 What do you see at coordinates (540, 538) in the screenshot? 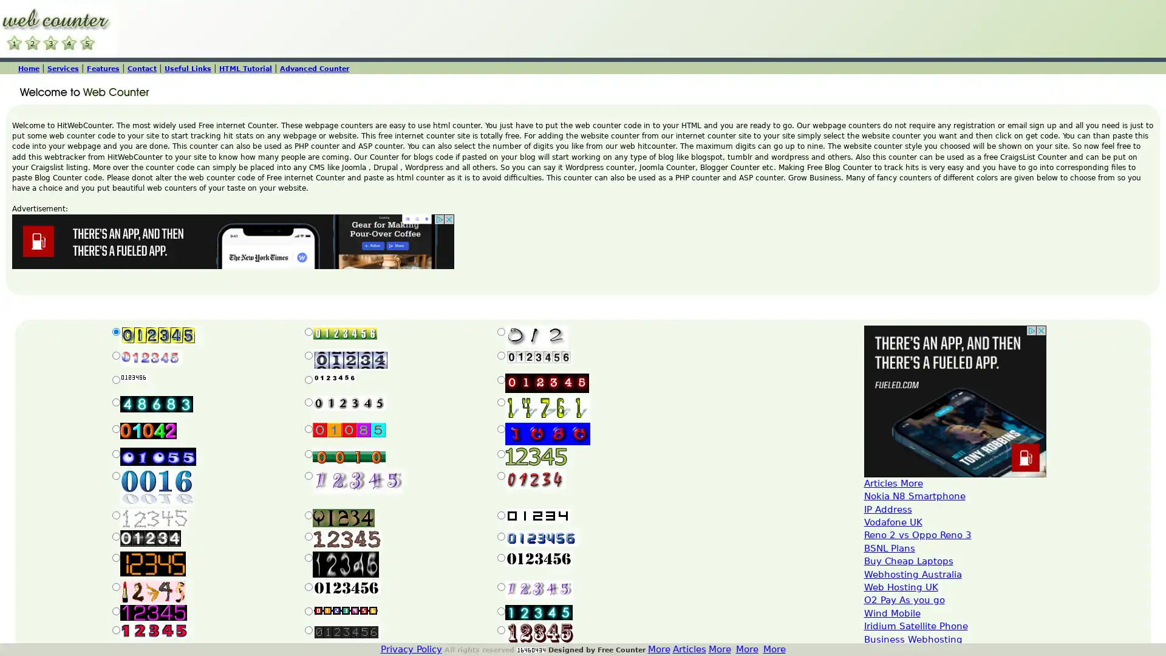
I see `Submit` at bounding box center [540, 538].